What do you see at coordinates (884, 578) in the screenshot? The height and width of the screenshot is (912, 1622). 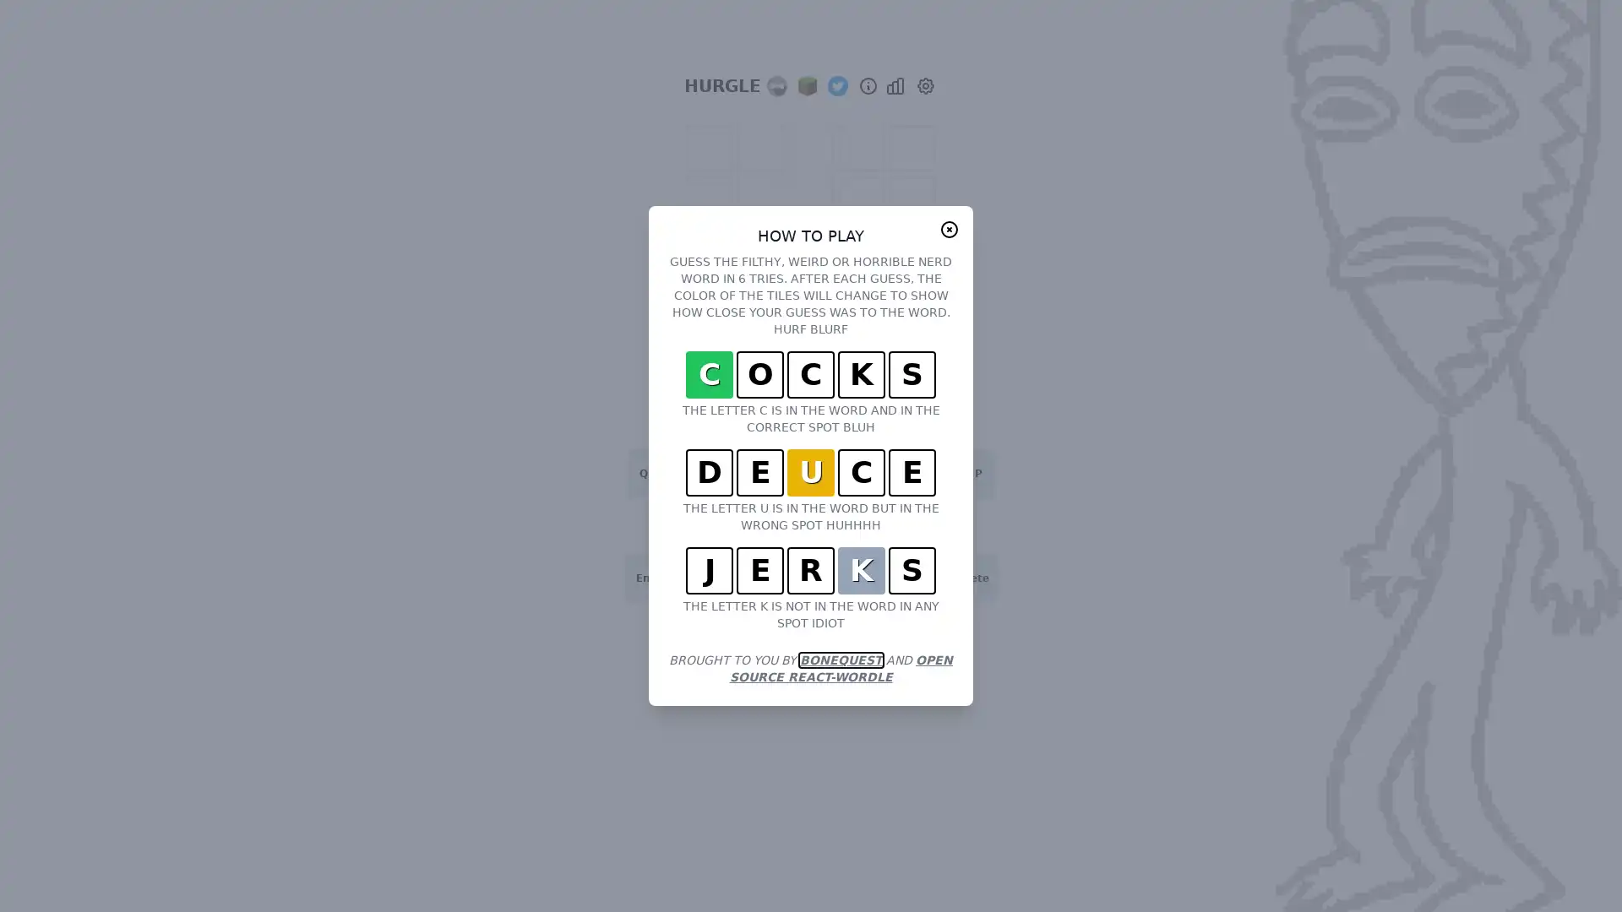 I see `N` at bounding box center [884, 578].